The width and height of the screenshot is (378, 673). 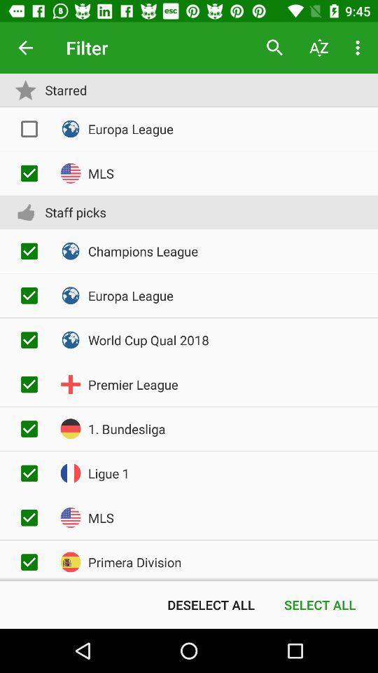 What do you see at coordinates (275, 48) in the screenshot?
I see `the icon to the right of the filter item` at bounding box center [275, 48].